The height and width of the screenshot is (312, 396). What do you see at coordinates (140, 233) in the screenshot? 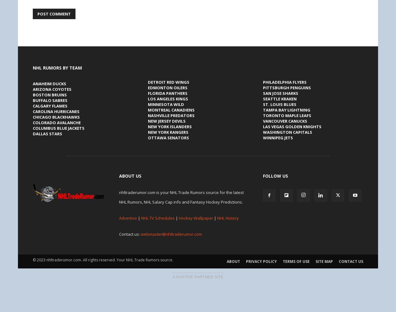
I see `'webmaster@nhltraderumor.com'` at bounding box center [140, 233].